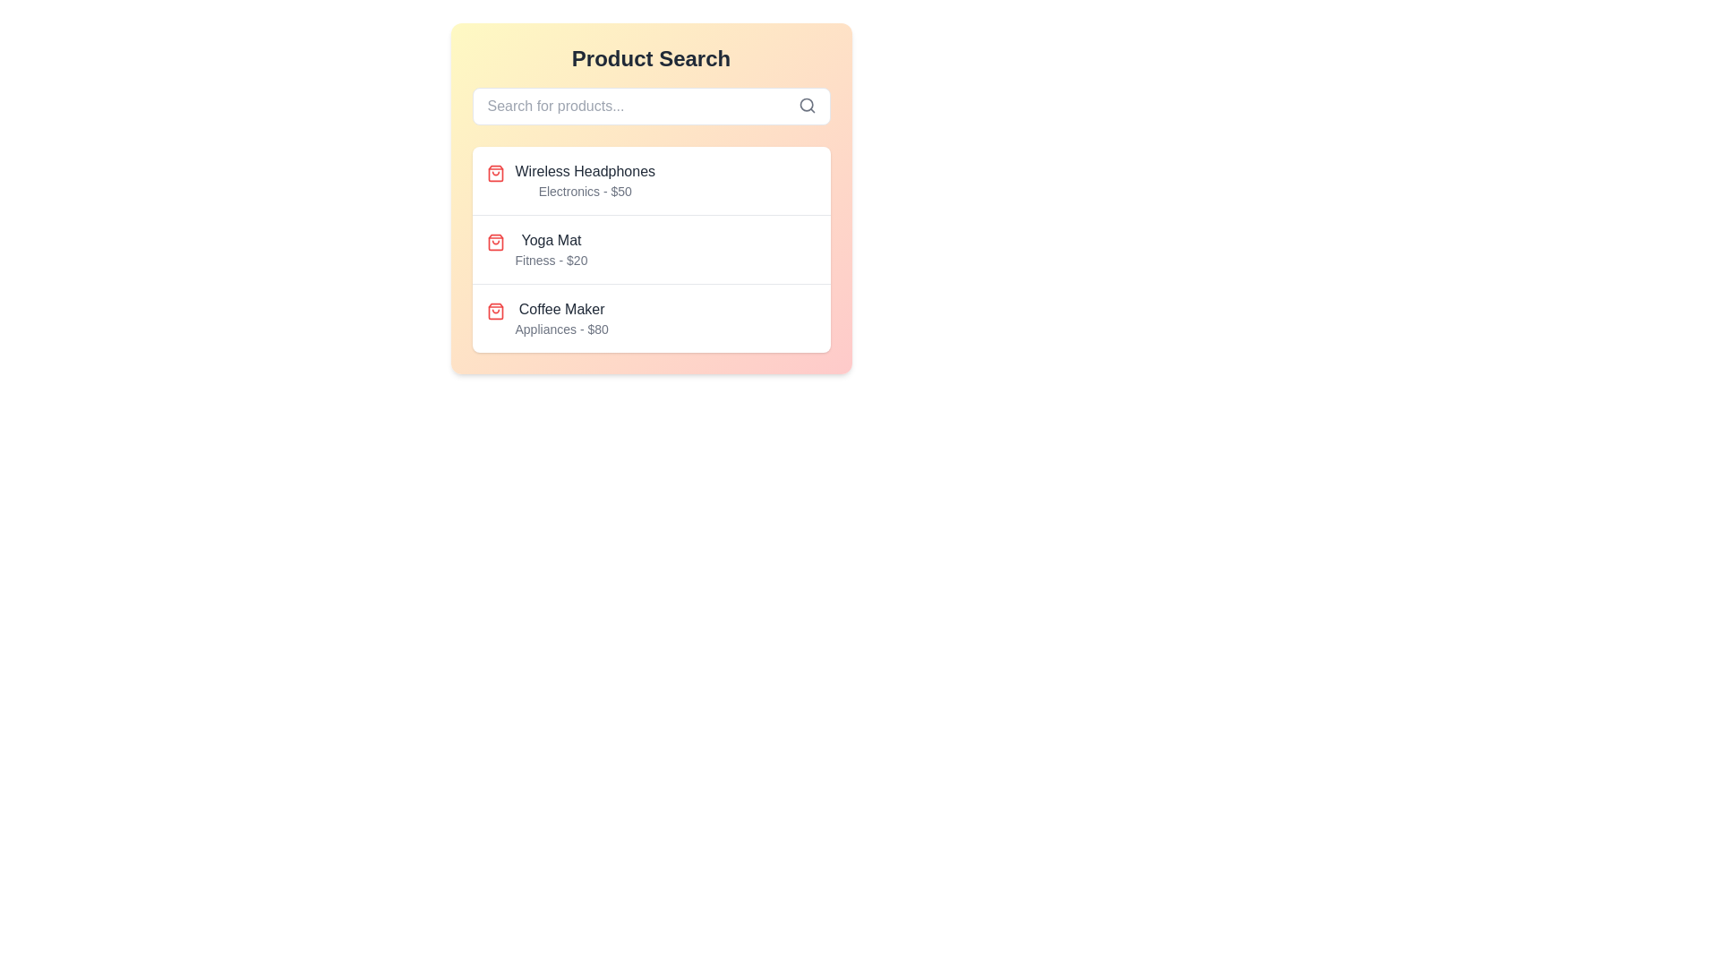 This screenshot has height=967, width=1719. I want to click on the outlined shopping bag icon with a red border located next to the 'Coffee Maker' product listing, so click(495, 310).